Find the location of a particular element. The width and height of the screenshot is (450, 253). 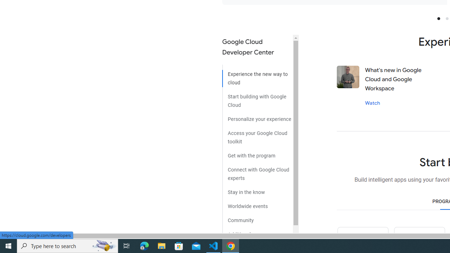

'Stay in the know' is located at coordinates (257, 190).